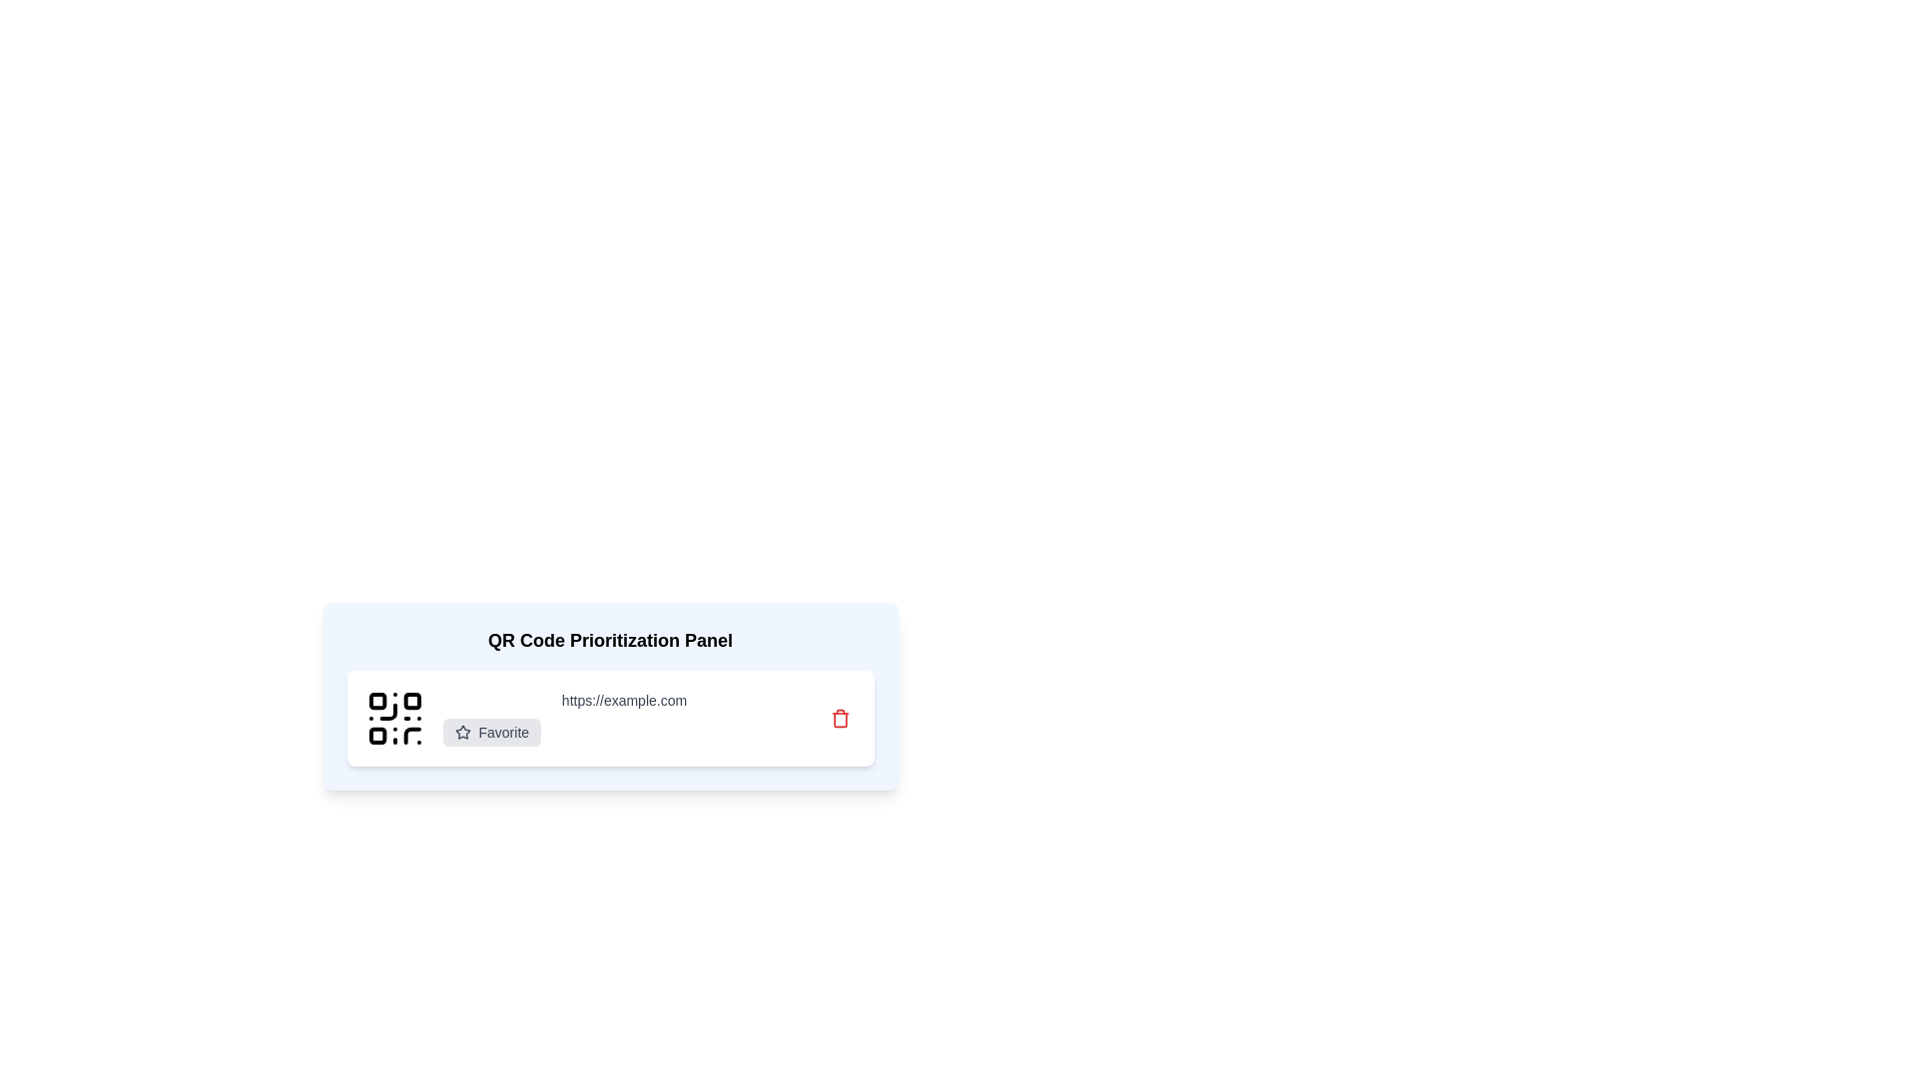 The image size is (1917, 1078). What do you see at coordinates (840, 719) in the screenshot?
I see `the red trash icon located in the bottom-right corner of the white card interface` at bounding box center [840, 719].